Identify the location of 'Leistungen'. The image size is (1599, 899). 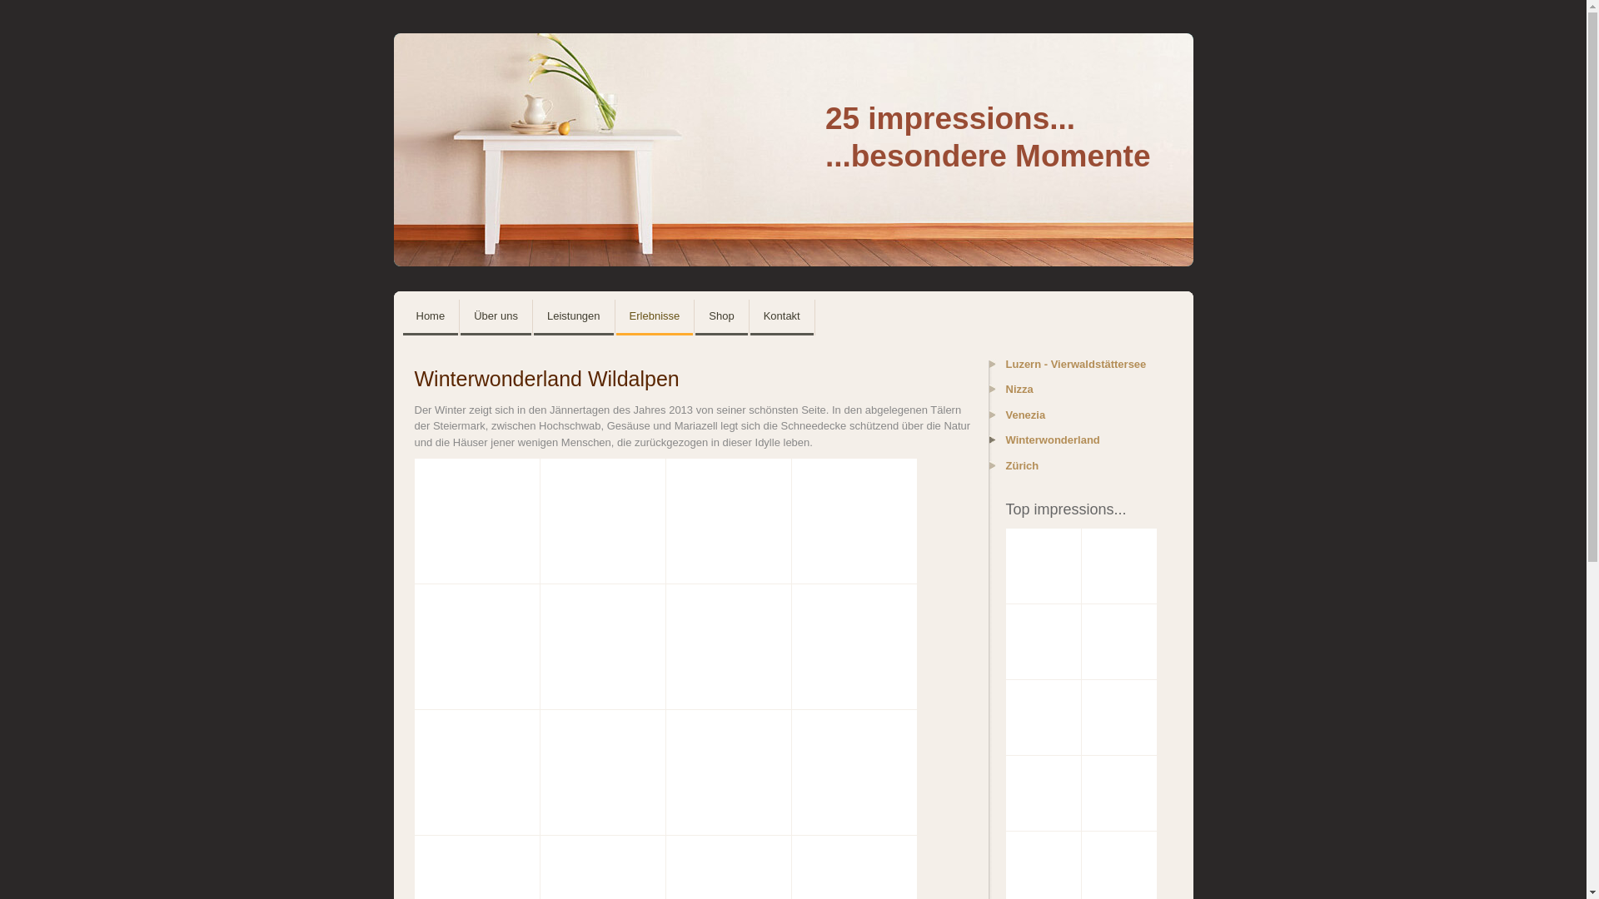
(574, 317).